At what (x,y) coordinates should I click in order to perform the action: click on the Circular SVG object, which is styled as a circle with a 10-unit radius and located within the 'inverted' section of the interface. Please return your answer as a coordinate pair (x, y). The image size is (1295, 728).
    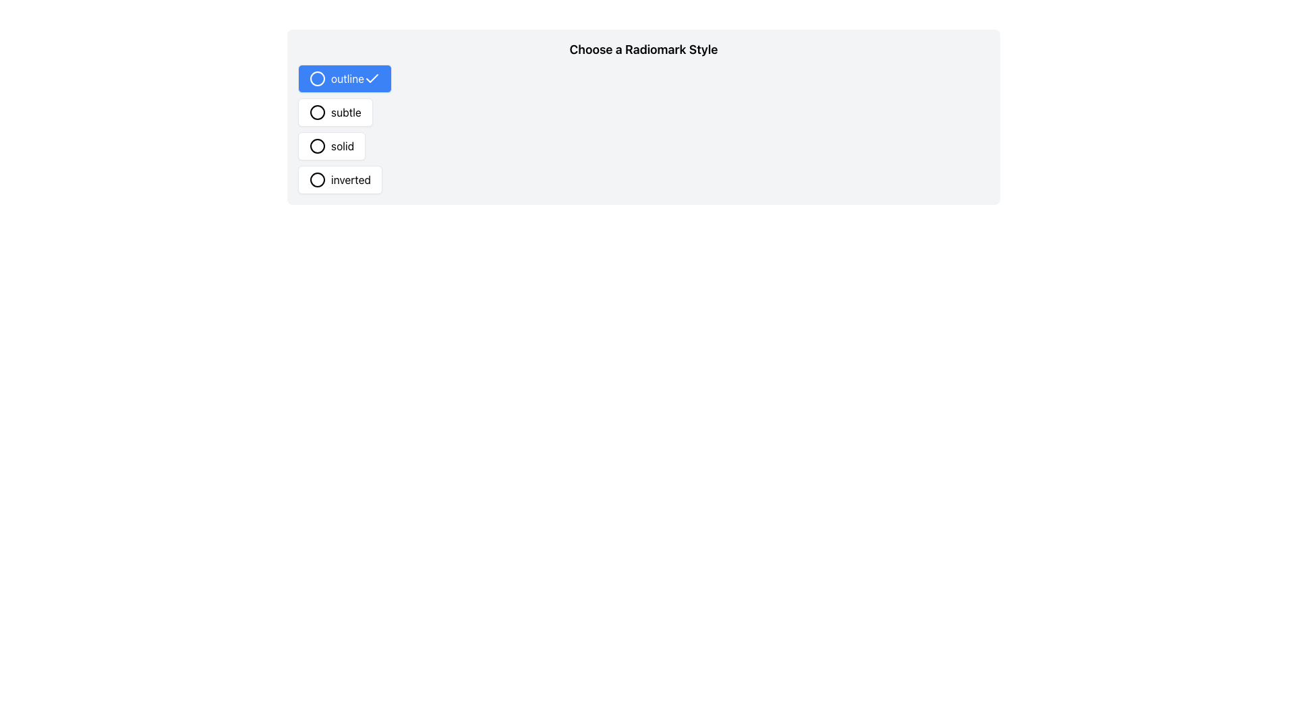
    Looking at the image, I should click on (316, 179).